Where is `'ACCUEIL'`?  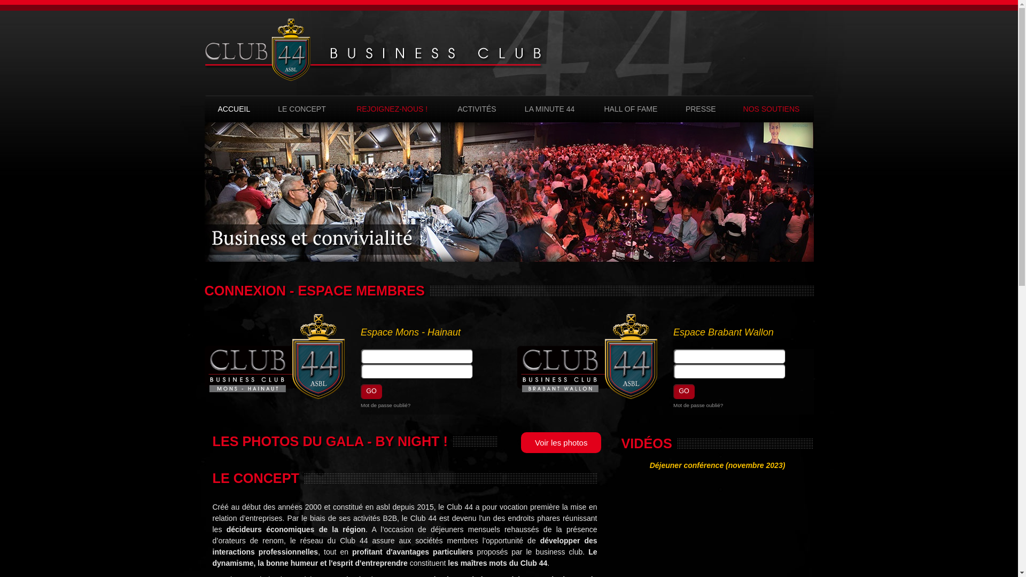
'ACCUEIL' is located at coordinates (234, 109).